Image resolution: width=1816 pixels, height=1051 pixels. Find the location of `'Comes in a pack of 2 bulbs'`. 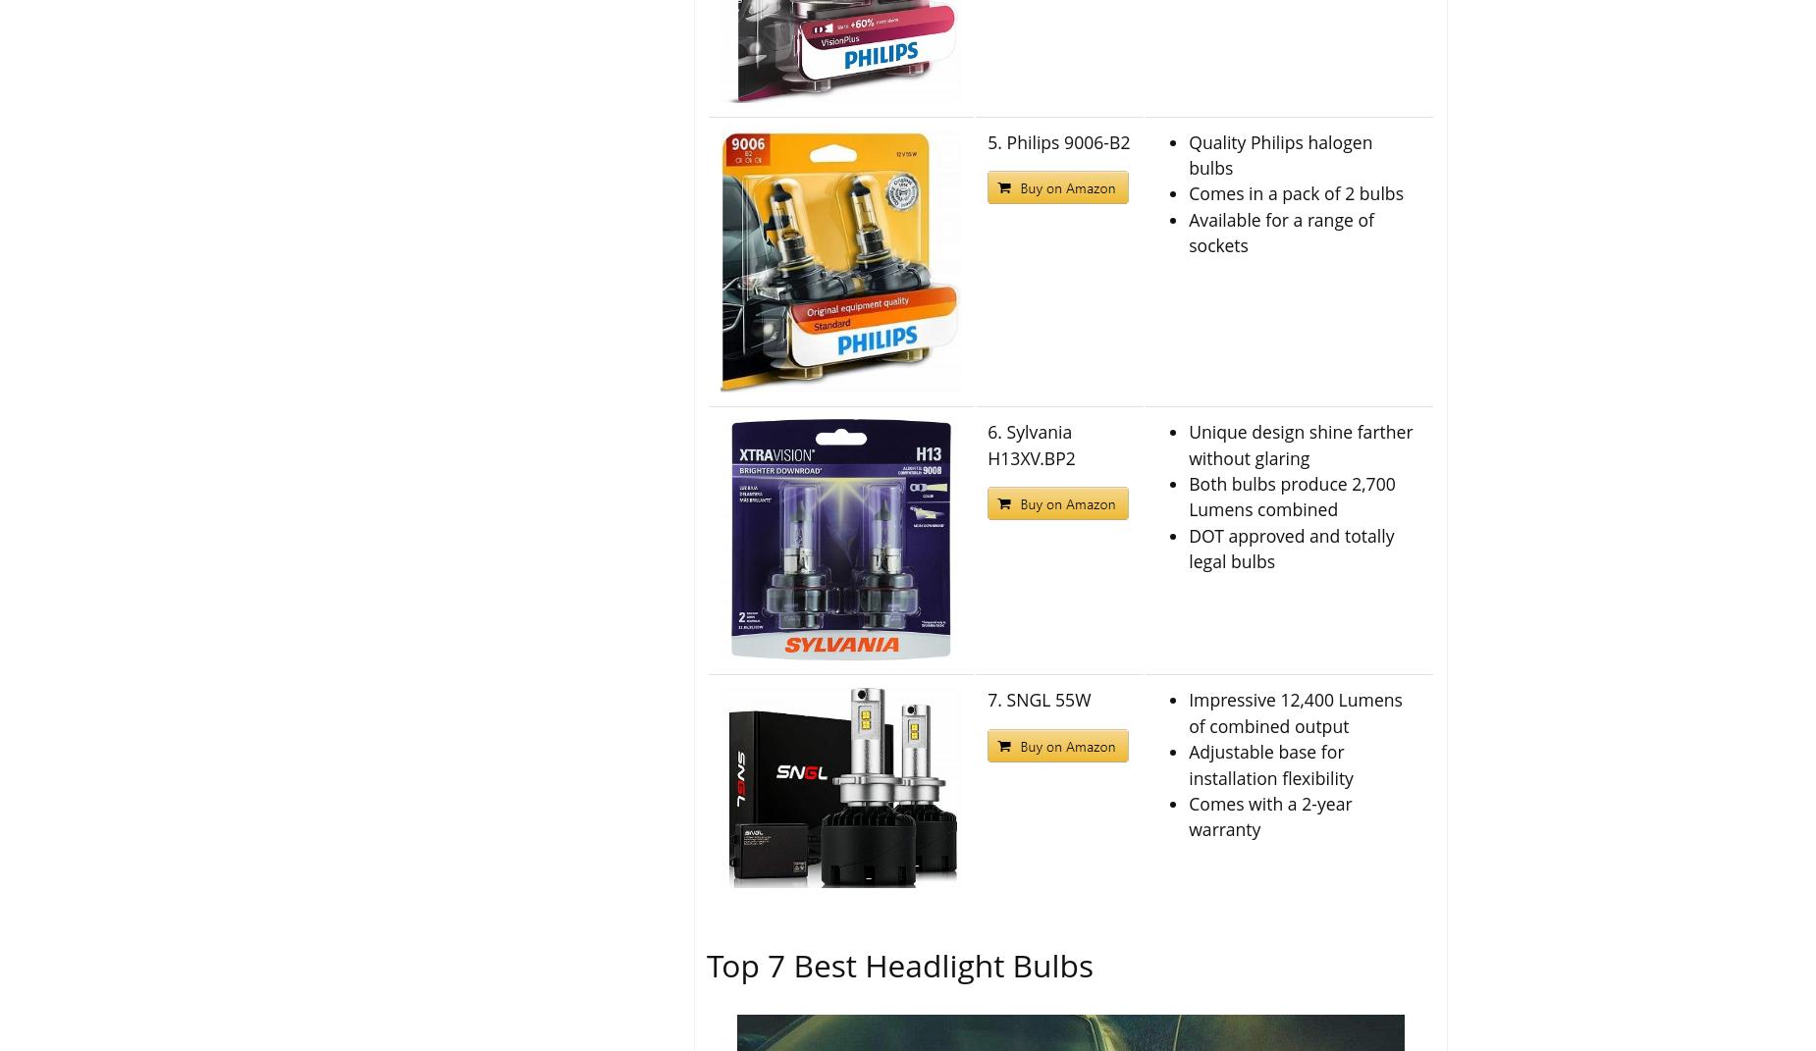

'Comes in a pack of 2 bulbs' is located at coordinates (1295, 191).